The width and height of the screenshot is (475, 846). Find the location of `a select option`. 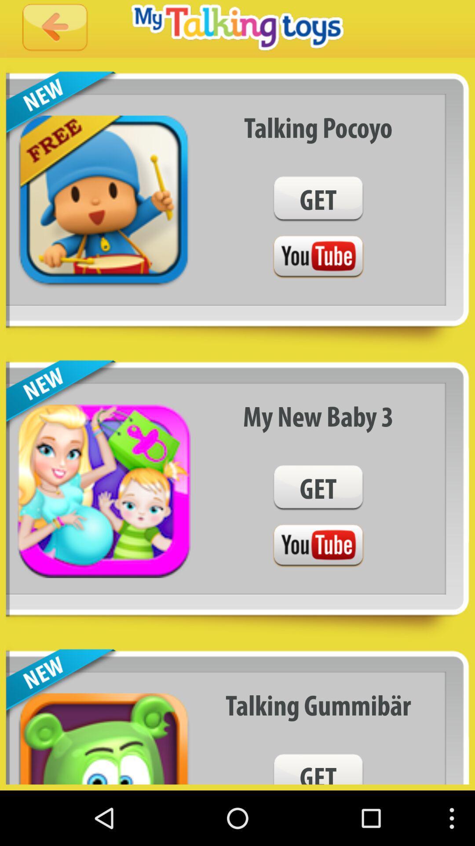

a select option is located at coordinates (318, 257).